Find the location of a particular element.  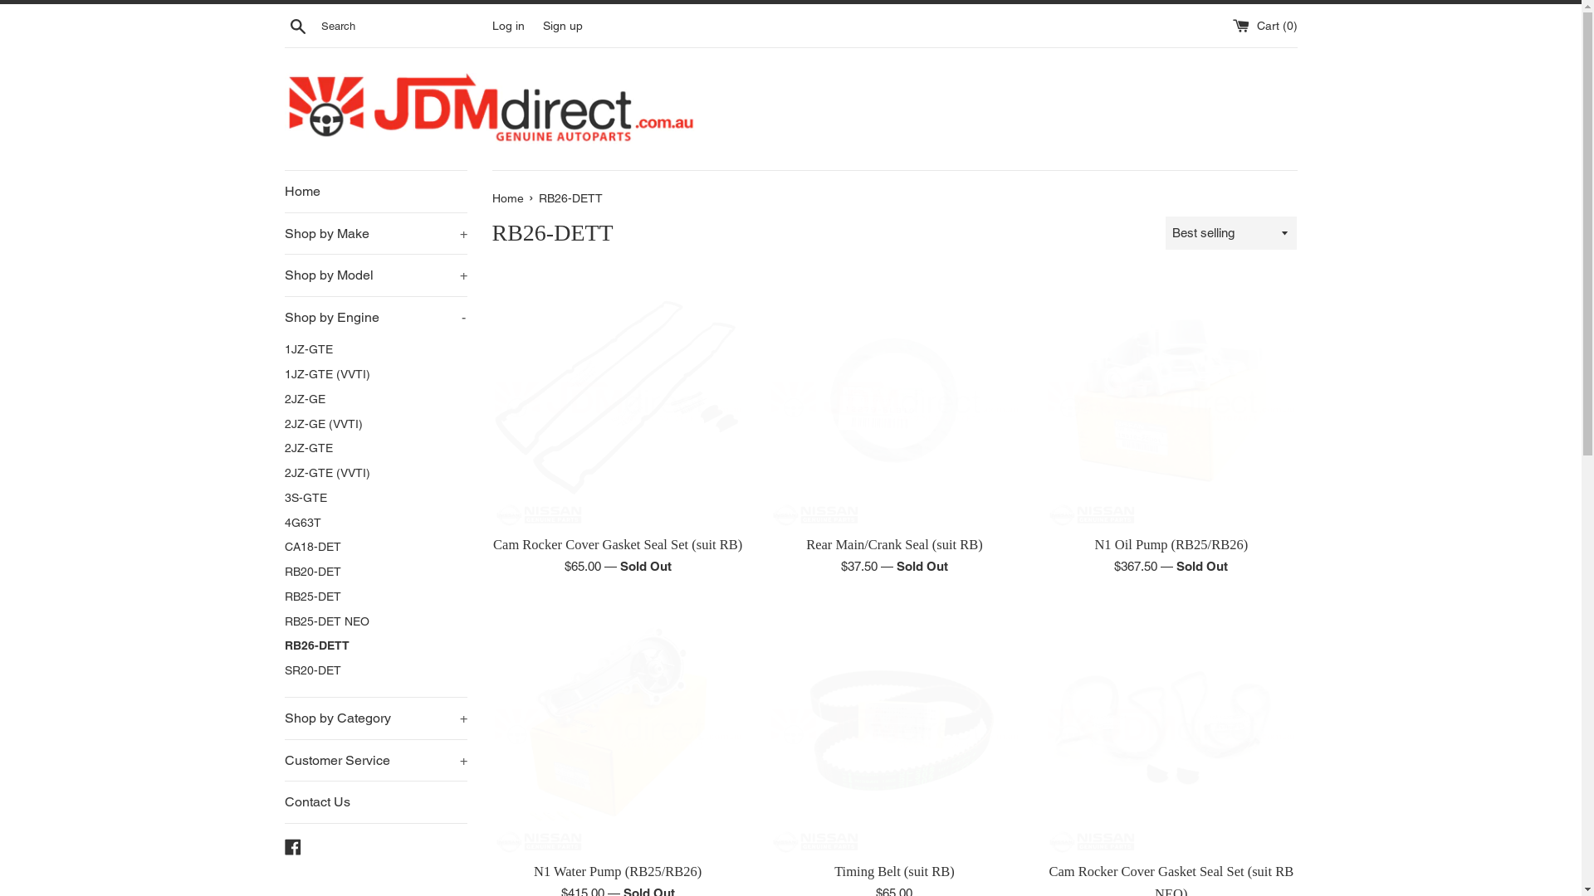

'Shop by Category is located at coordinates (374, 718).